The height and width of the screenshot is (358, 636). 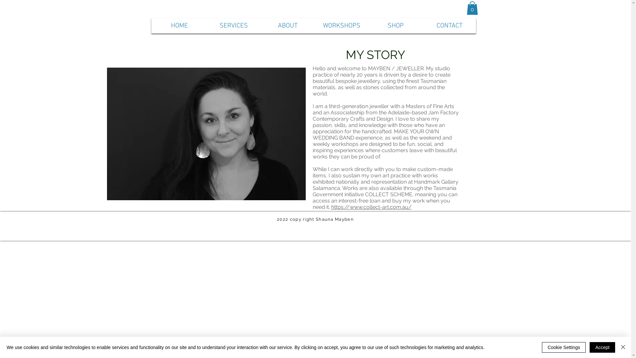 What do you see at coordinates (179, 25) in the screenshot?
I see `'HOME'` at bounding box center [179, 25].